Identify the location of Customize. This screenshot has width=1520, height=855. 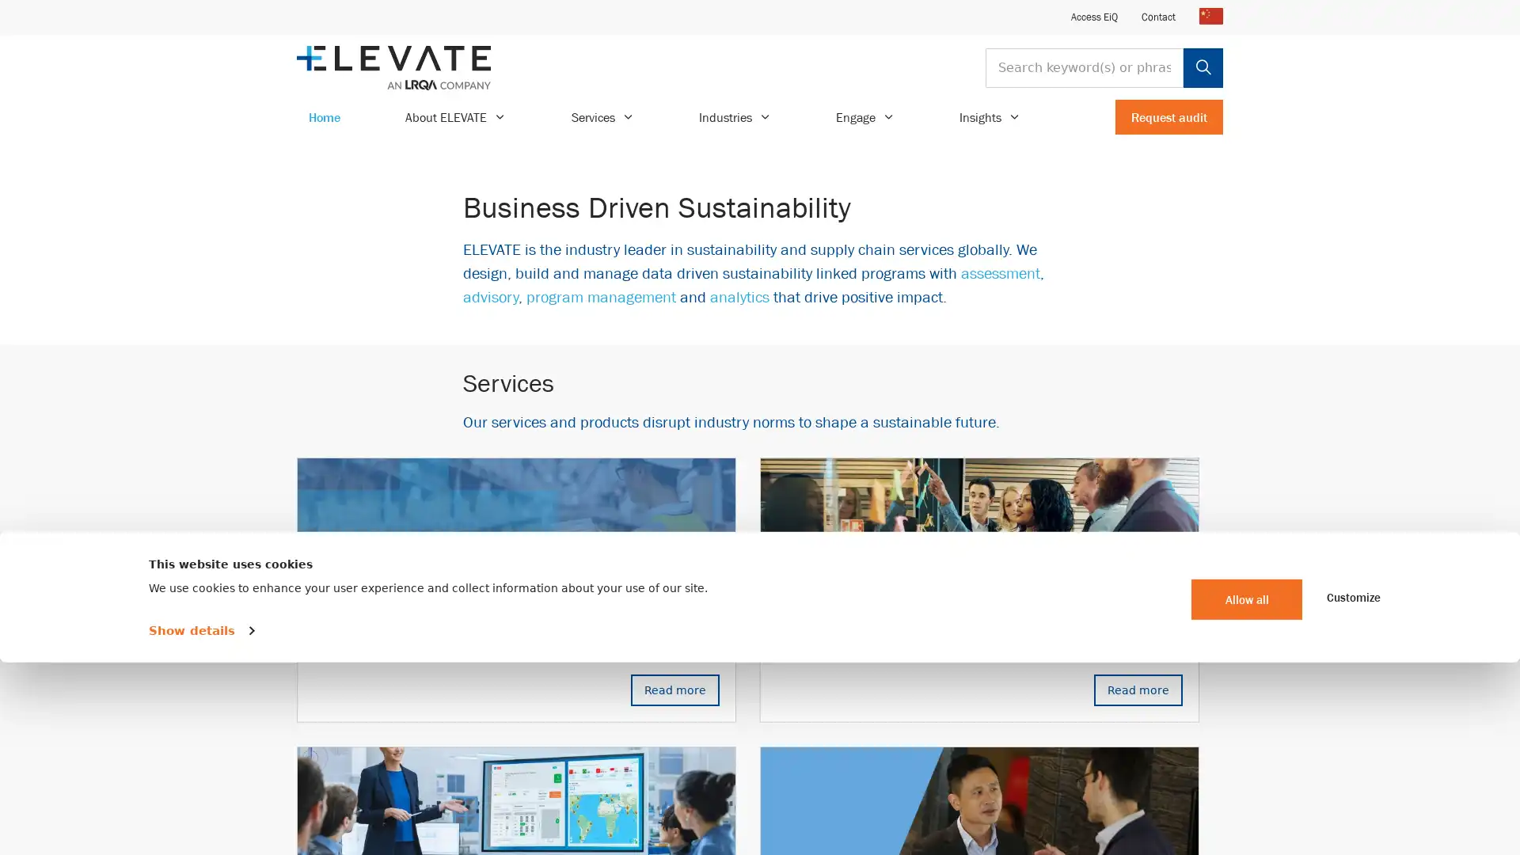
(1352, 788).